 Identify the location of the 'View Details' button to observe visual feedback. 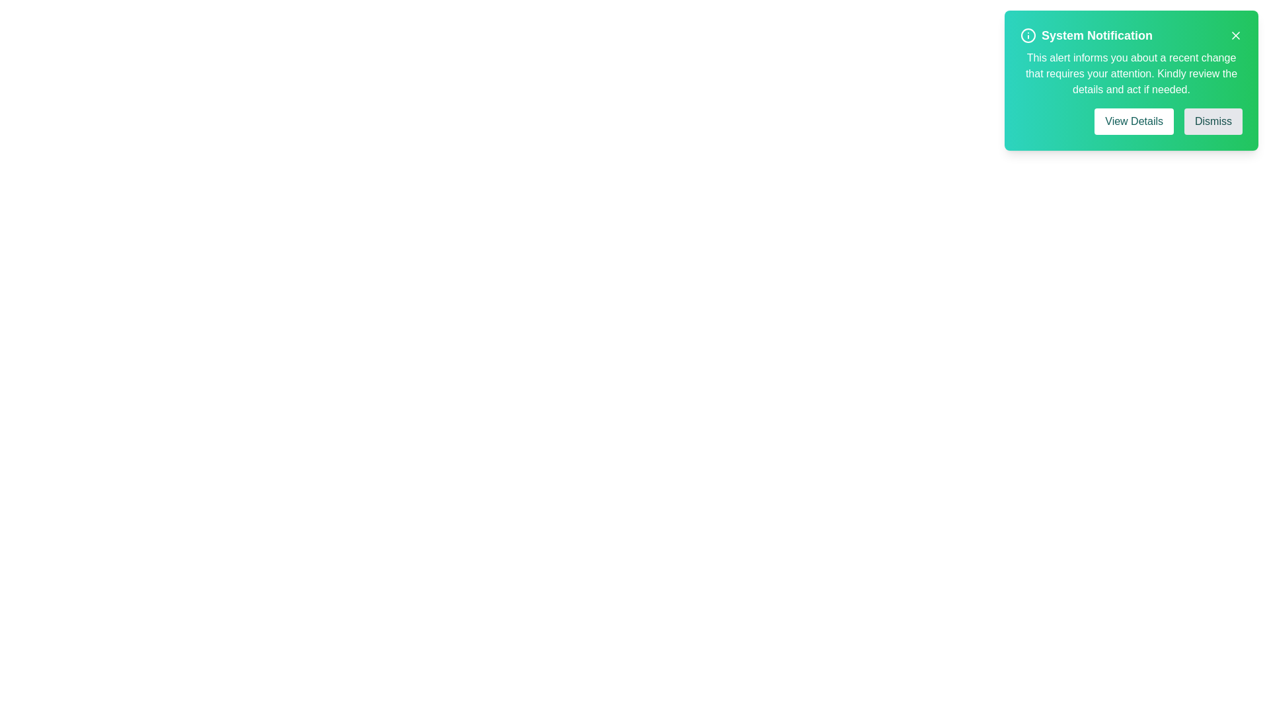
(1134, 122).